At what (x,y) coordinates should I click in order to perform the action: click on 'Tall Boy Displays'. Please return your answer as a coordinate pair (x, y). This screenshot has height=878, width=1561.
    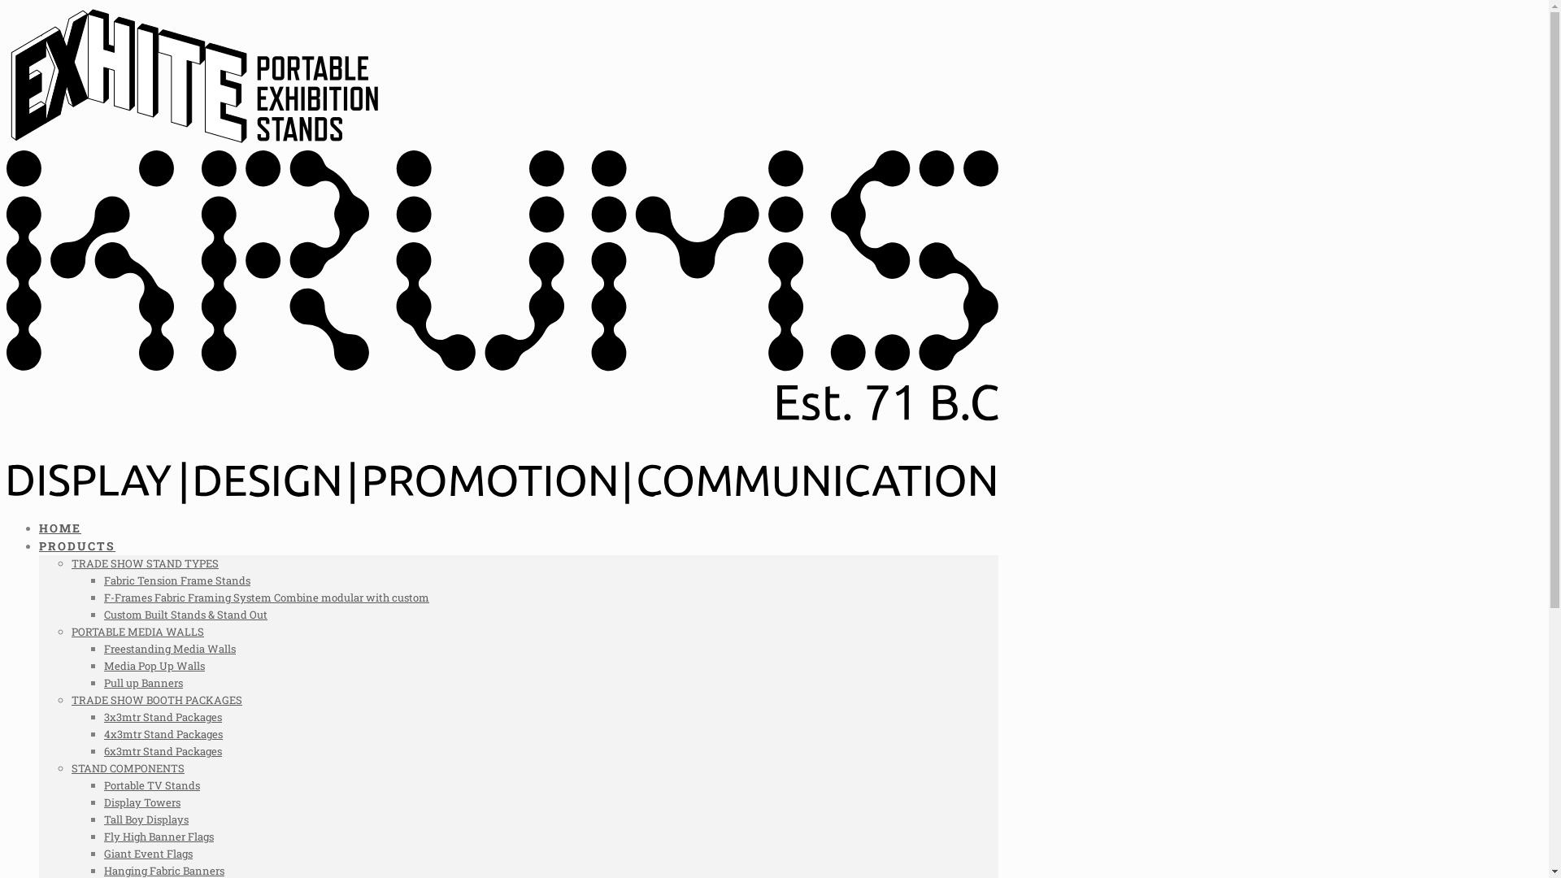
    Looking at the image, I should click on (146, 819).